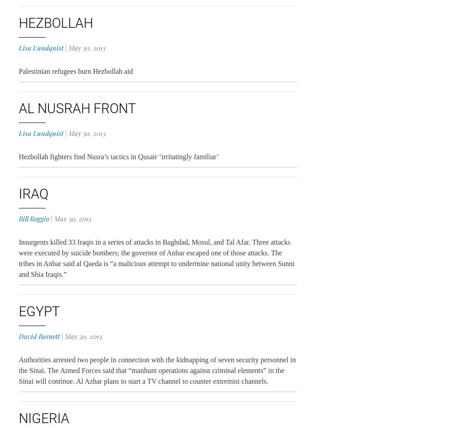  I want to click on 'Palestinian refugees burn Hezbollah aid', so click(75, 71).